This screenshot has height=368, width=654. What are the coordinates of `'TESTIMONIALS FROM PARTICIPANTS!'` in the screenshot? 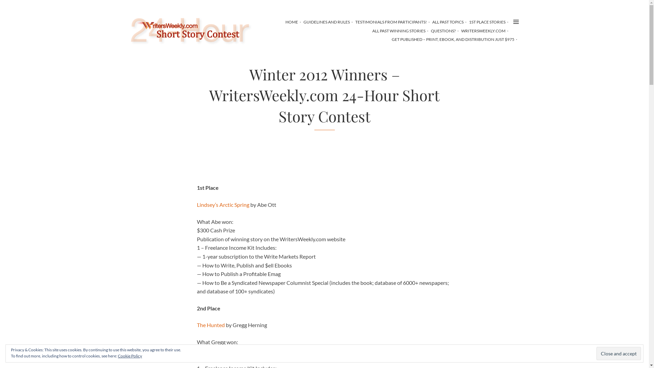 It's located at (391, 21).